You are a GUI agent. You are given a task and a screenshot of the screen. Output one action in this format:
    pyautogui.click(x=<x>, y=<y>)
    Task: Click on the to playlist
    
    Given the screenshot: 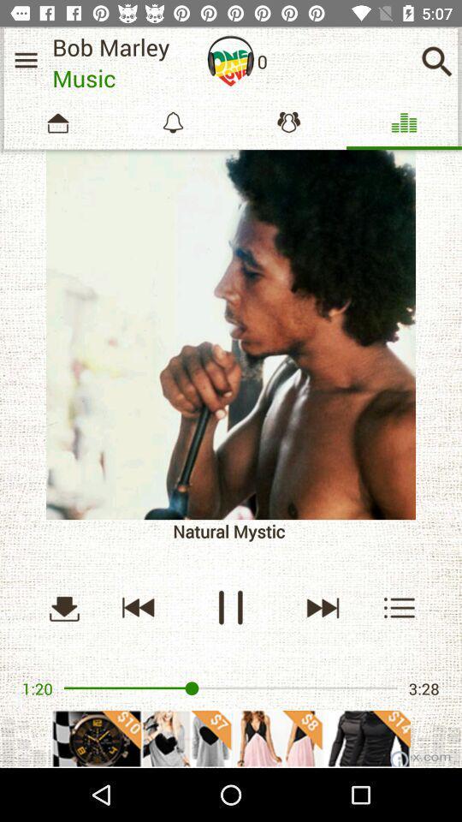 What is the action you would take?
    pyautogui.click(x=400, y=607)
    